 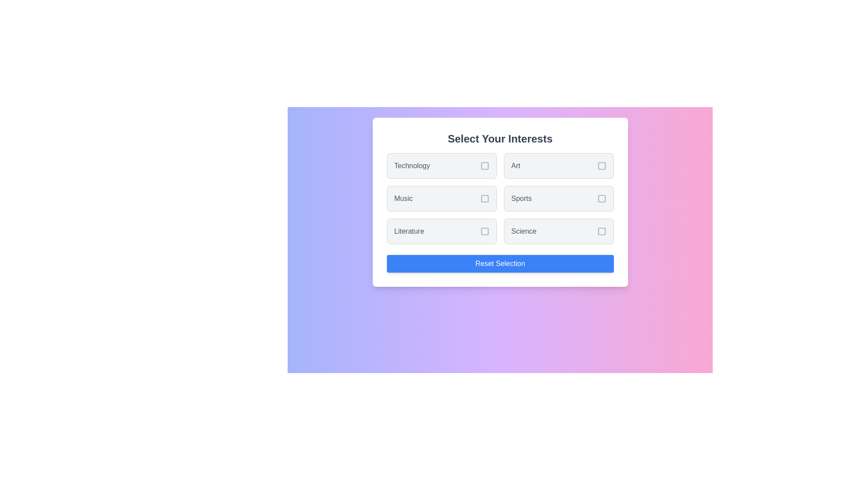 I want to click on the interest item labeled Art, so click(x=558, y=166).